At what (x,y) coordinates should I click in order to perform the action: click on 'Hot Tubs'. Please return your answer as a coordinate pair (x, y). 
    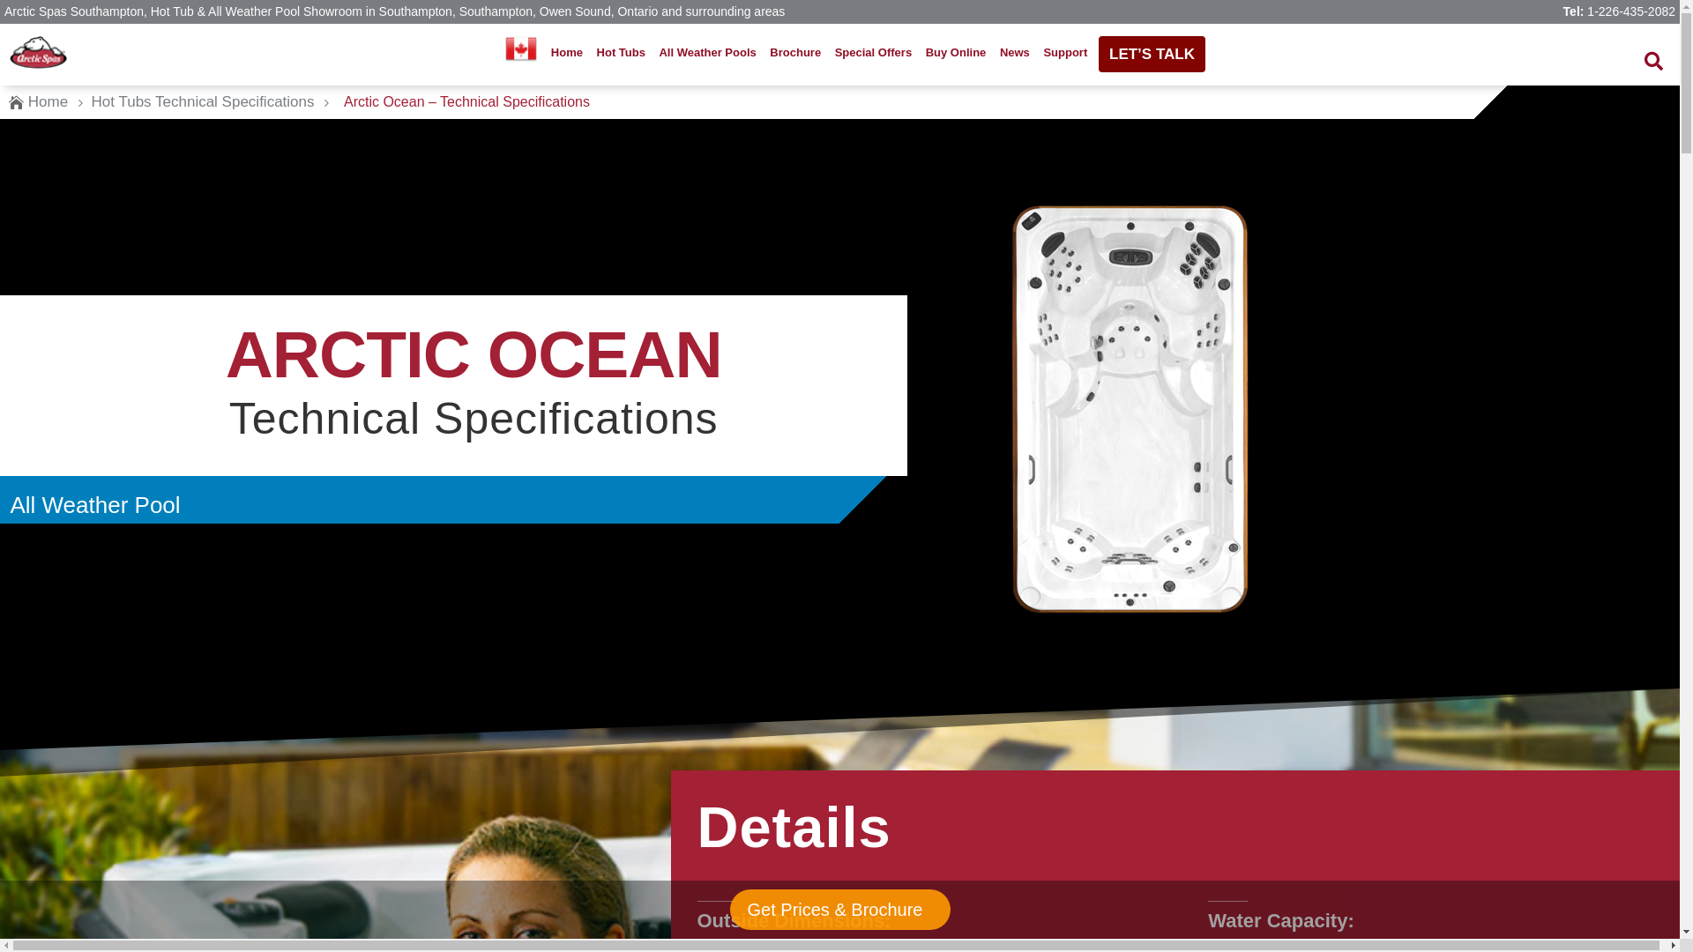
    Looking at the image, I should click on (621, 51).